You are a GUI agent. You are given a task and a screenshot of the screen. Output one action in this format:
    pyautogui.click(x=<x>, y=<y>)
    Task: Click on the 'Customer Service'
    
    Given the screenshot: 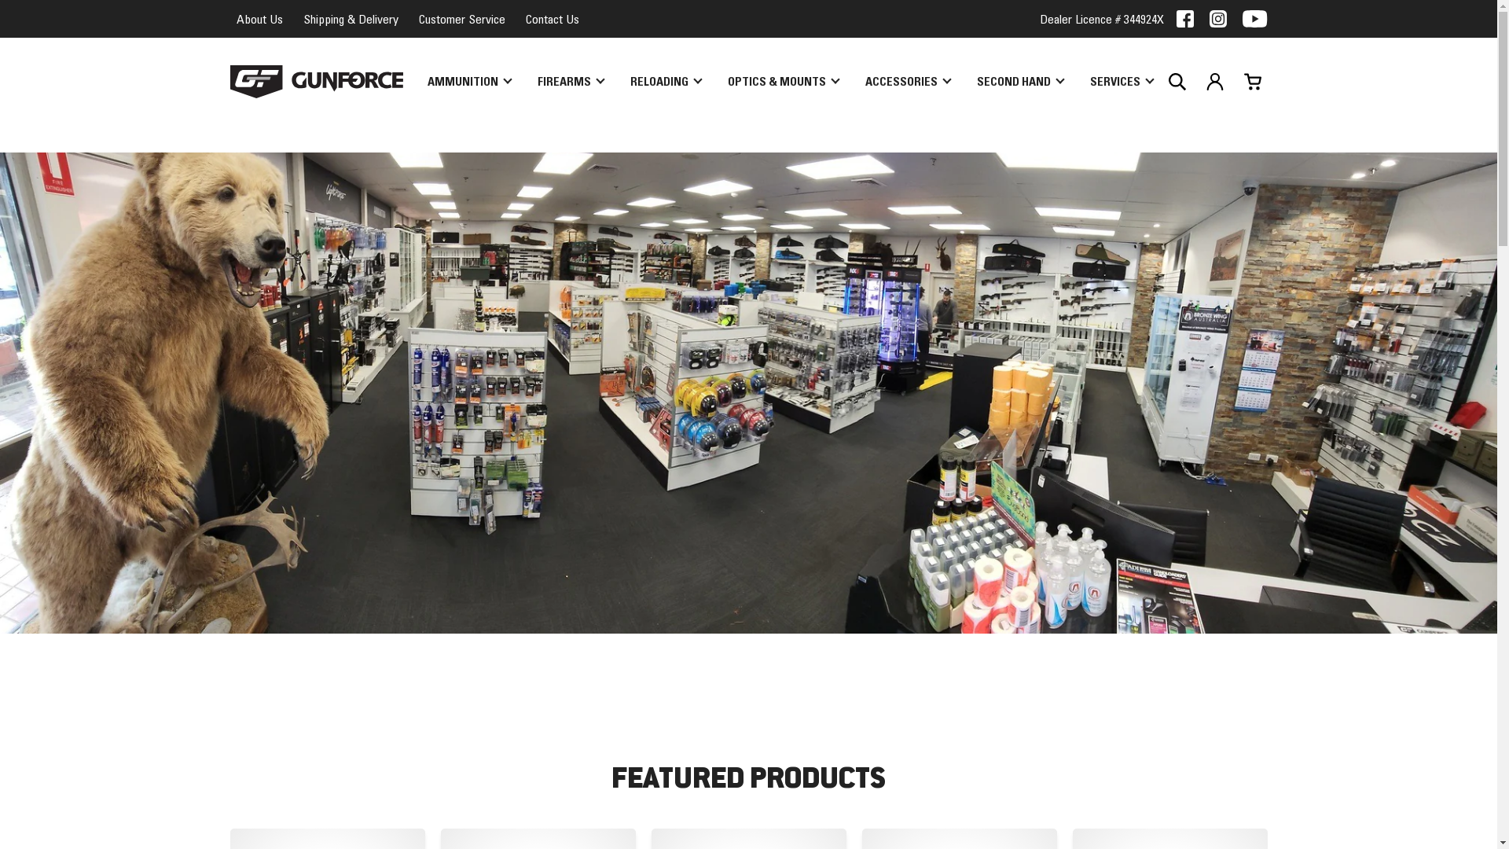 What is the action you would take?
    pyautogui.click(x=460, y=18)
    